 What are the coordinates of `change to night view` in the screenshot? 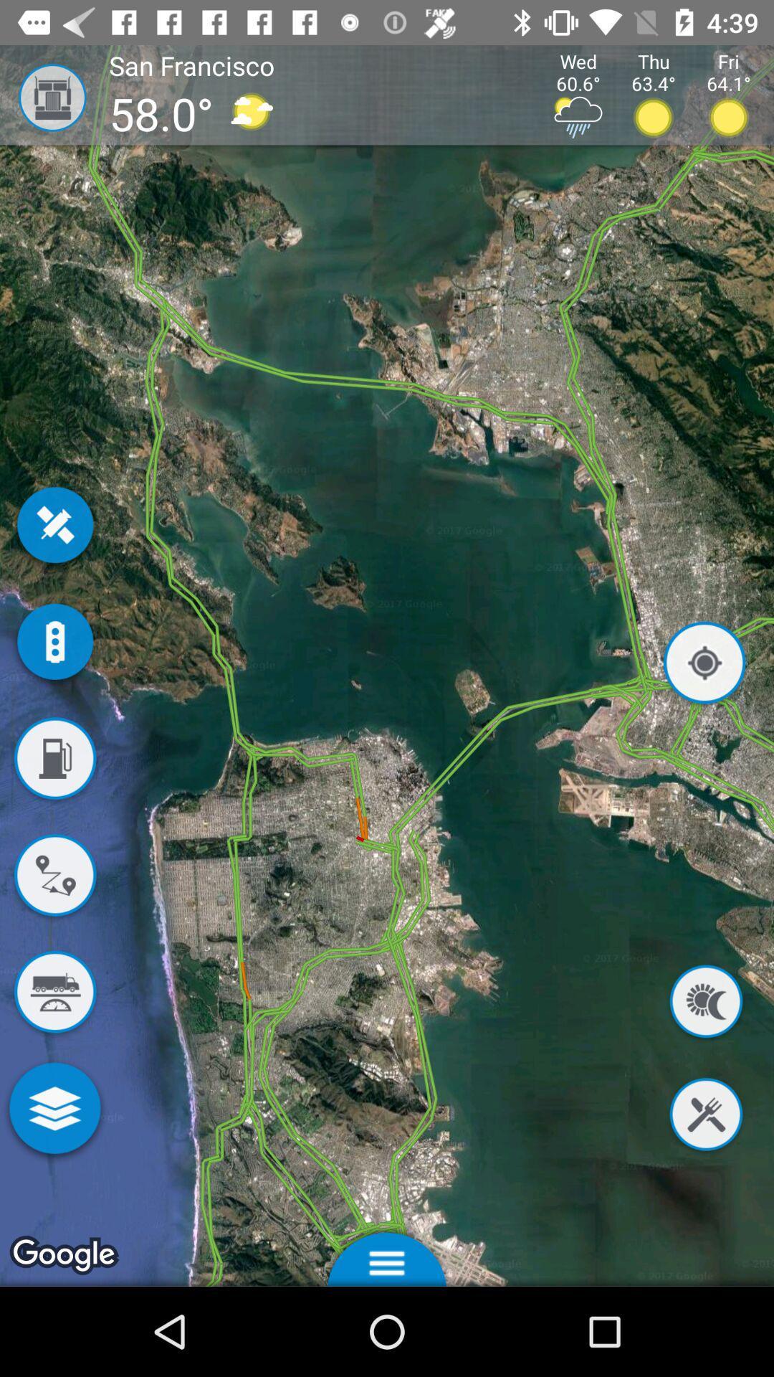 It's located at (705, 1003).